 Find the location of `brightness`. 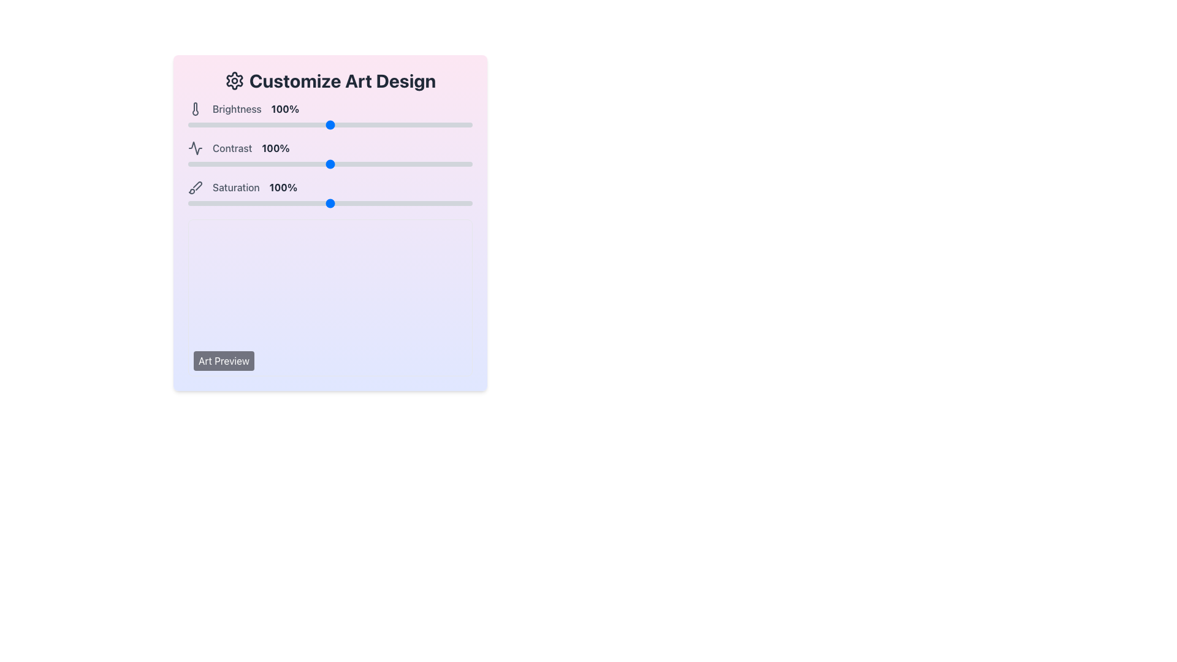

brightness is located at coordinates (290, 125).